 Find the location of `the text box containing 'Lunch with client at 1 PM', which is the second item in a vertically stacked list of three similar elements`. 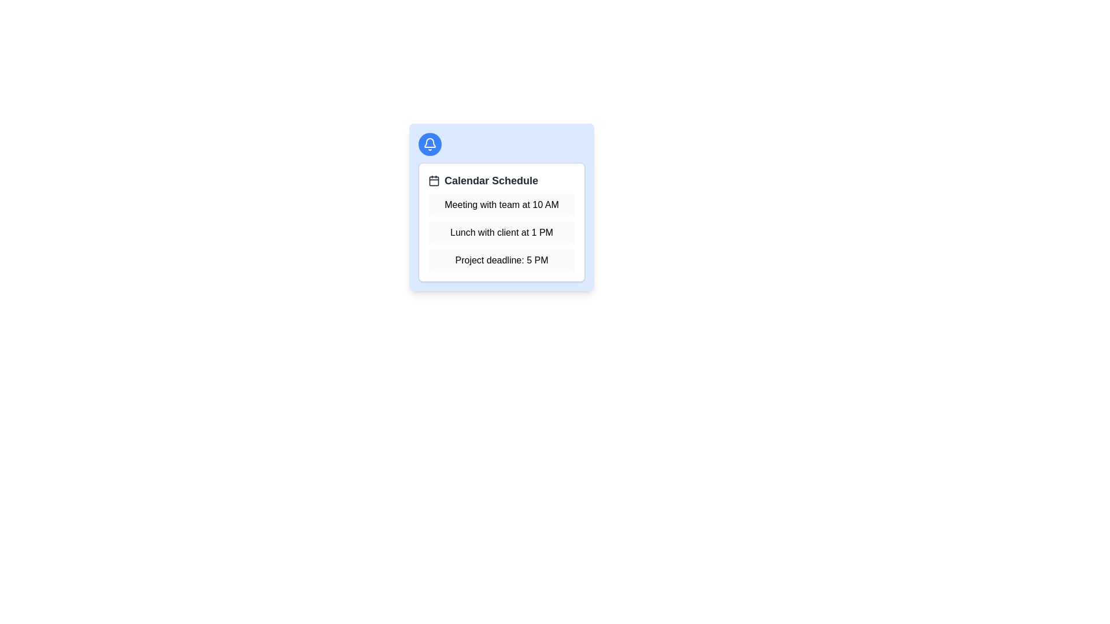

the text box containing 'Lunch with client at 1 PM', which is the second item in a vertically stacked list of three similar elements is located at coordinates (502, 232).